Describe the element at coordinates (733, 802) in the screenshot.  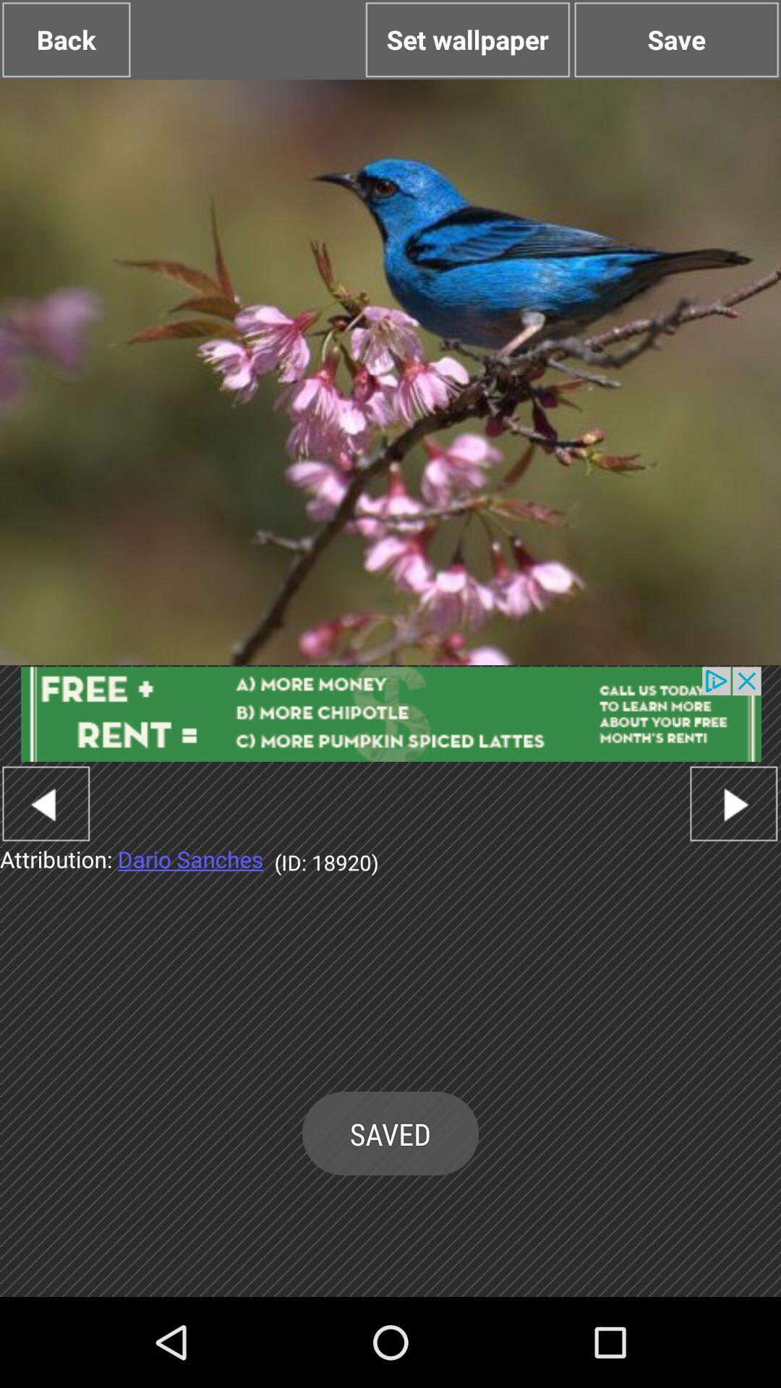
I see `for next` at that location.